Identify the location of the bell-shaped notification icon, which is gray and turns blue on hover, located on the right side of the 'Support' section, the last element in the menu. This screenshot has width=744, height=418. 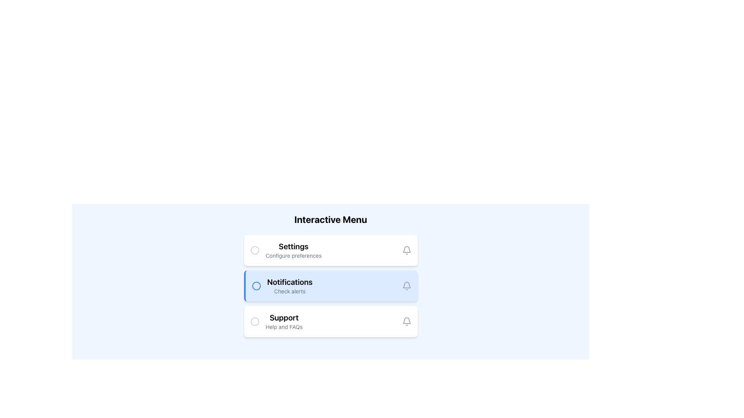
(406, 321).